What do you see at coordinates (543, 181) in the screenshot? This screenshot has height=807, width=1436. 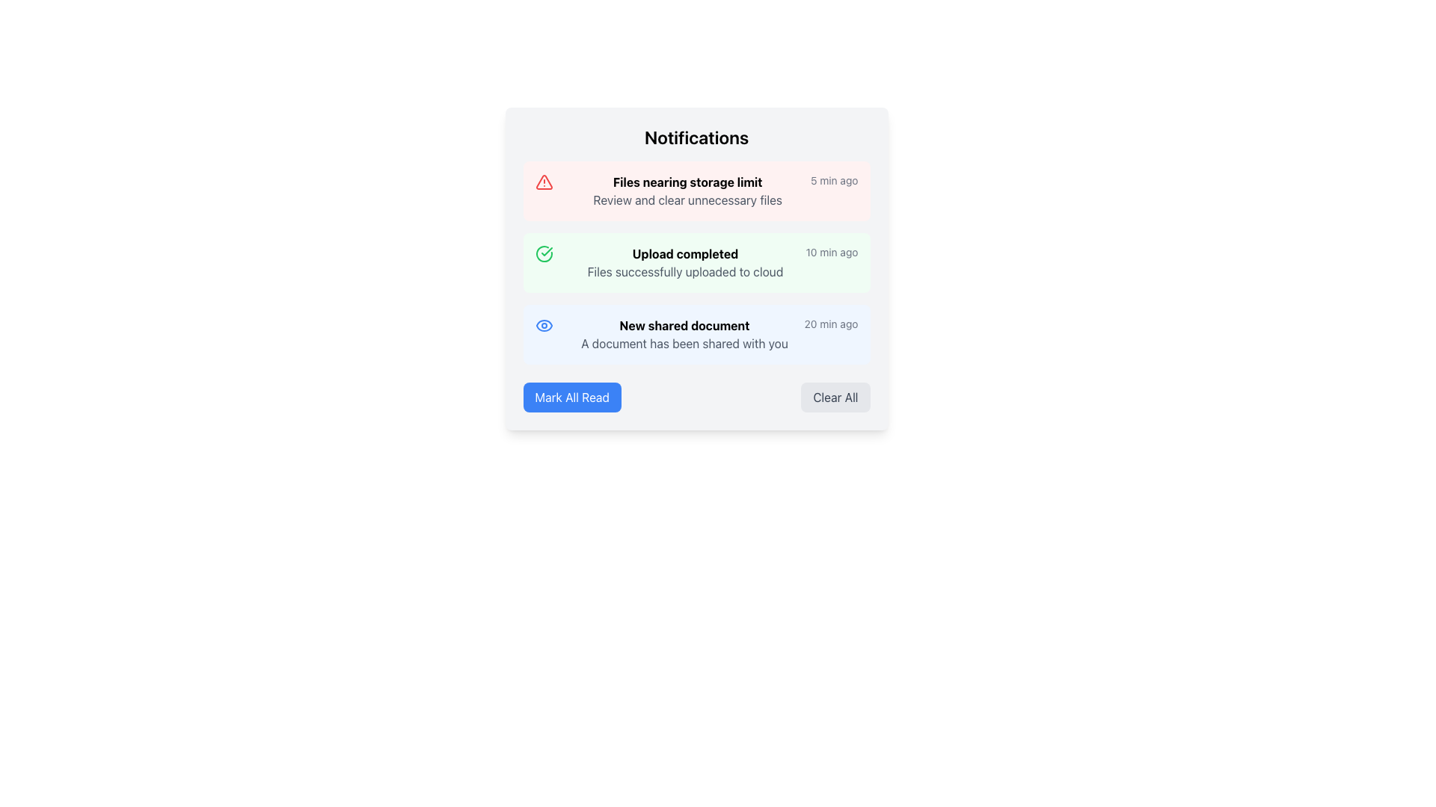 I see `the warning icon indicating files nearing the storage limit, located in the notification card as the first icon in the notifications list` at bounding box center [543, 181].